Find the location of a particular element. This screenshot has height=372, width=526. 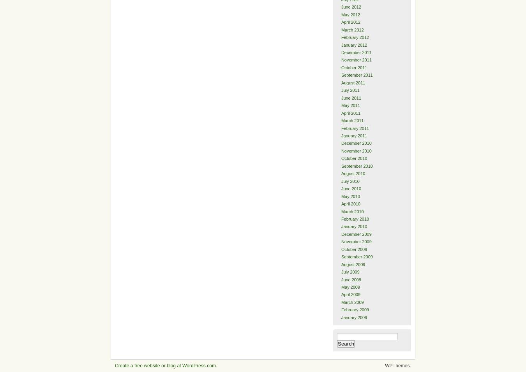

'November 2010' is located at coordinates (355, 150).